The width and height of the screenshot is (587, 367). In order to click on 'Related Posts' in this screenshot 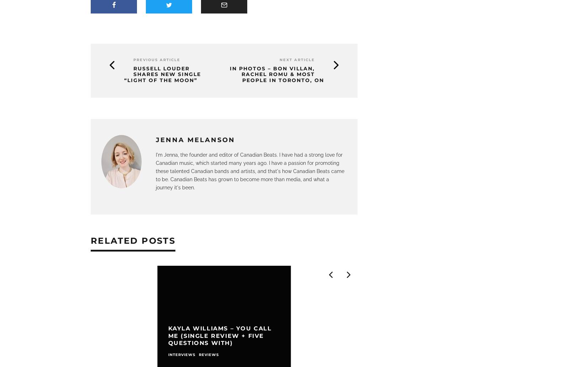, I will do `click(133, 240)`.